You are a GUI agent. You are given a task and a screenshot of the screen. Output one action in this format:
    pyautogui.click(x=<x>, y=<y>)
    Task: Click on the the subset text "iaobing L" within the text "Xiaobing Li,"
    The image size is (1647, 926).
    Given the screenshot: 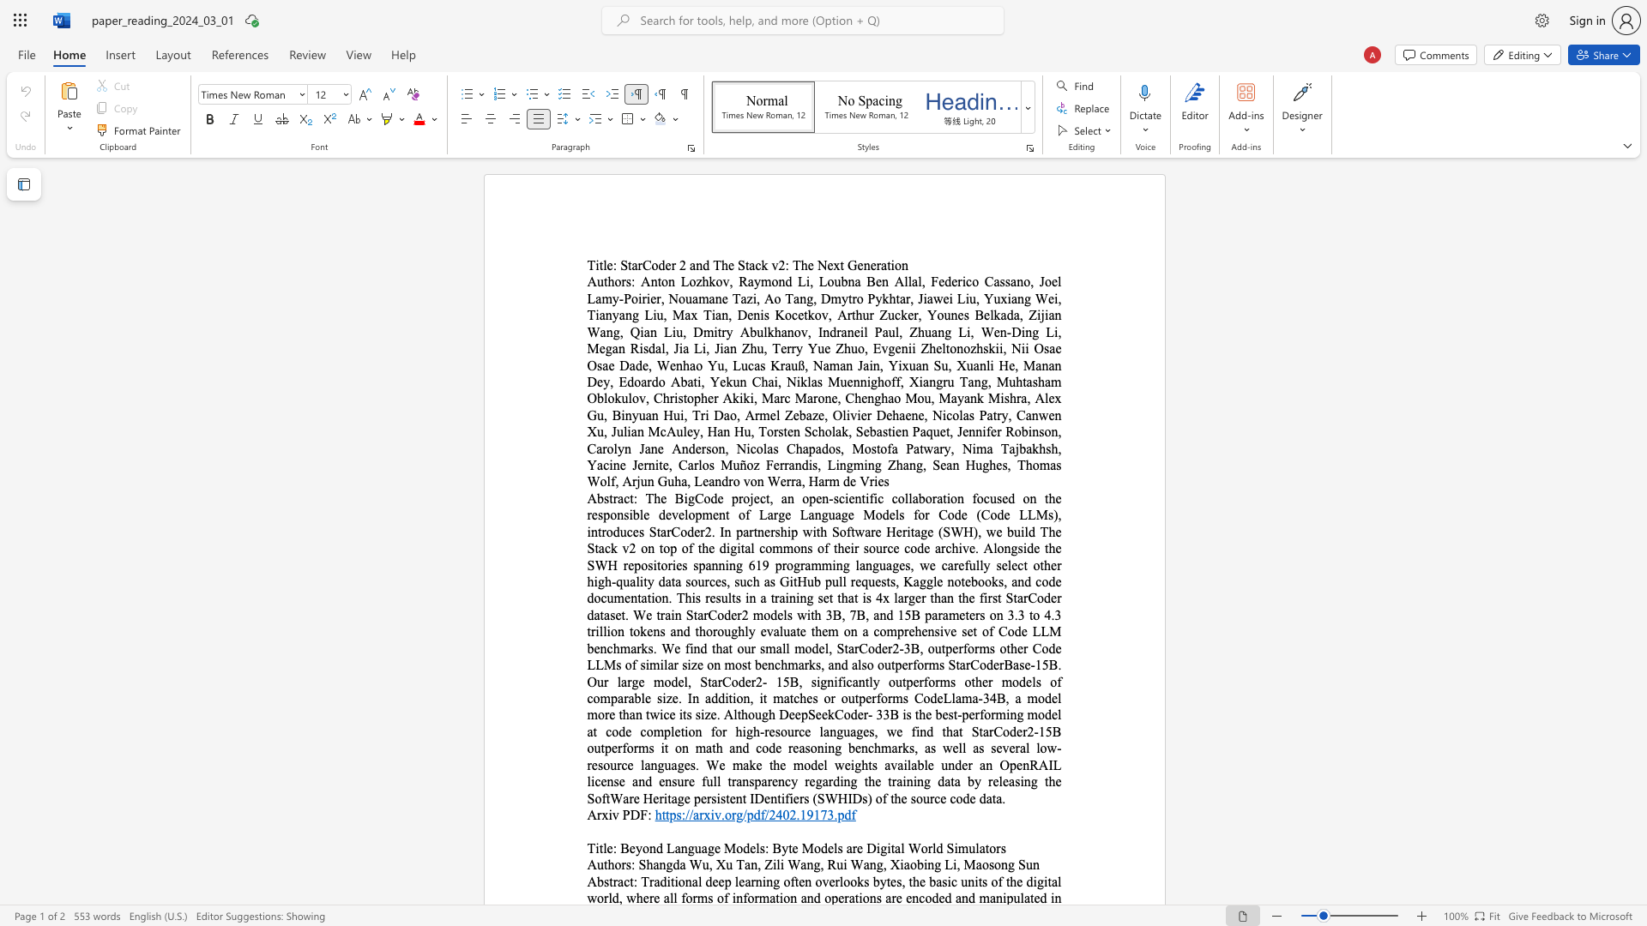 What is the action you would take?
    pyautogui.click(x=899, y=864)
    